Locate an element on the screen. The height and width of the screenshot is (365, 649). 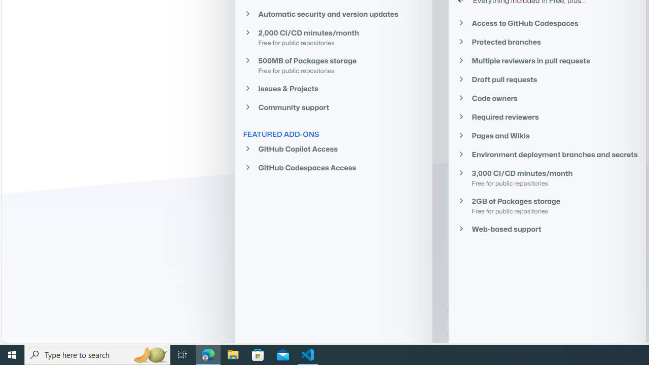
'Access to GitHub Codespaces' is located at coordinates (547, 23).